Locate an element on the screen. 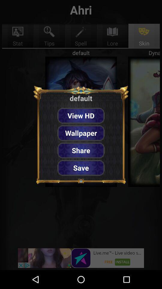 The image size is (162, 289). the item above share button is located at coordinates (81, 133).